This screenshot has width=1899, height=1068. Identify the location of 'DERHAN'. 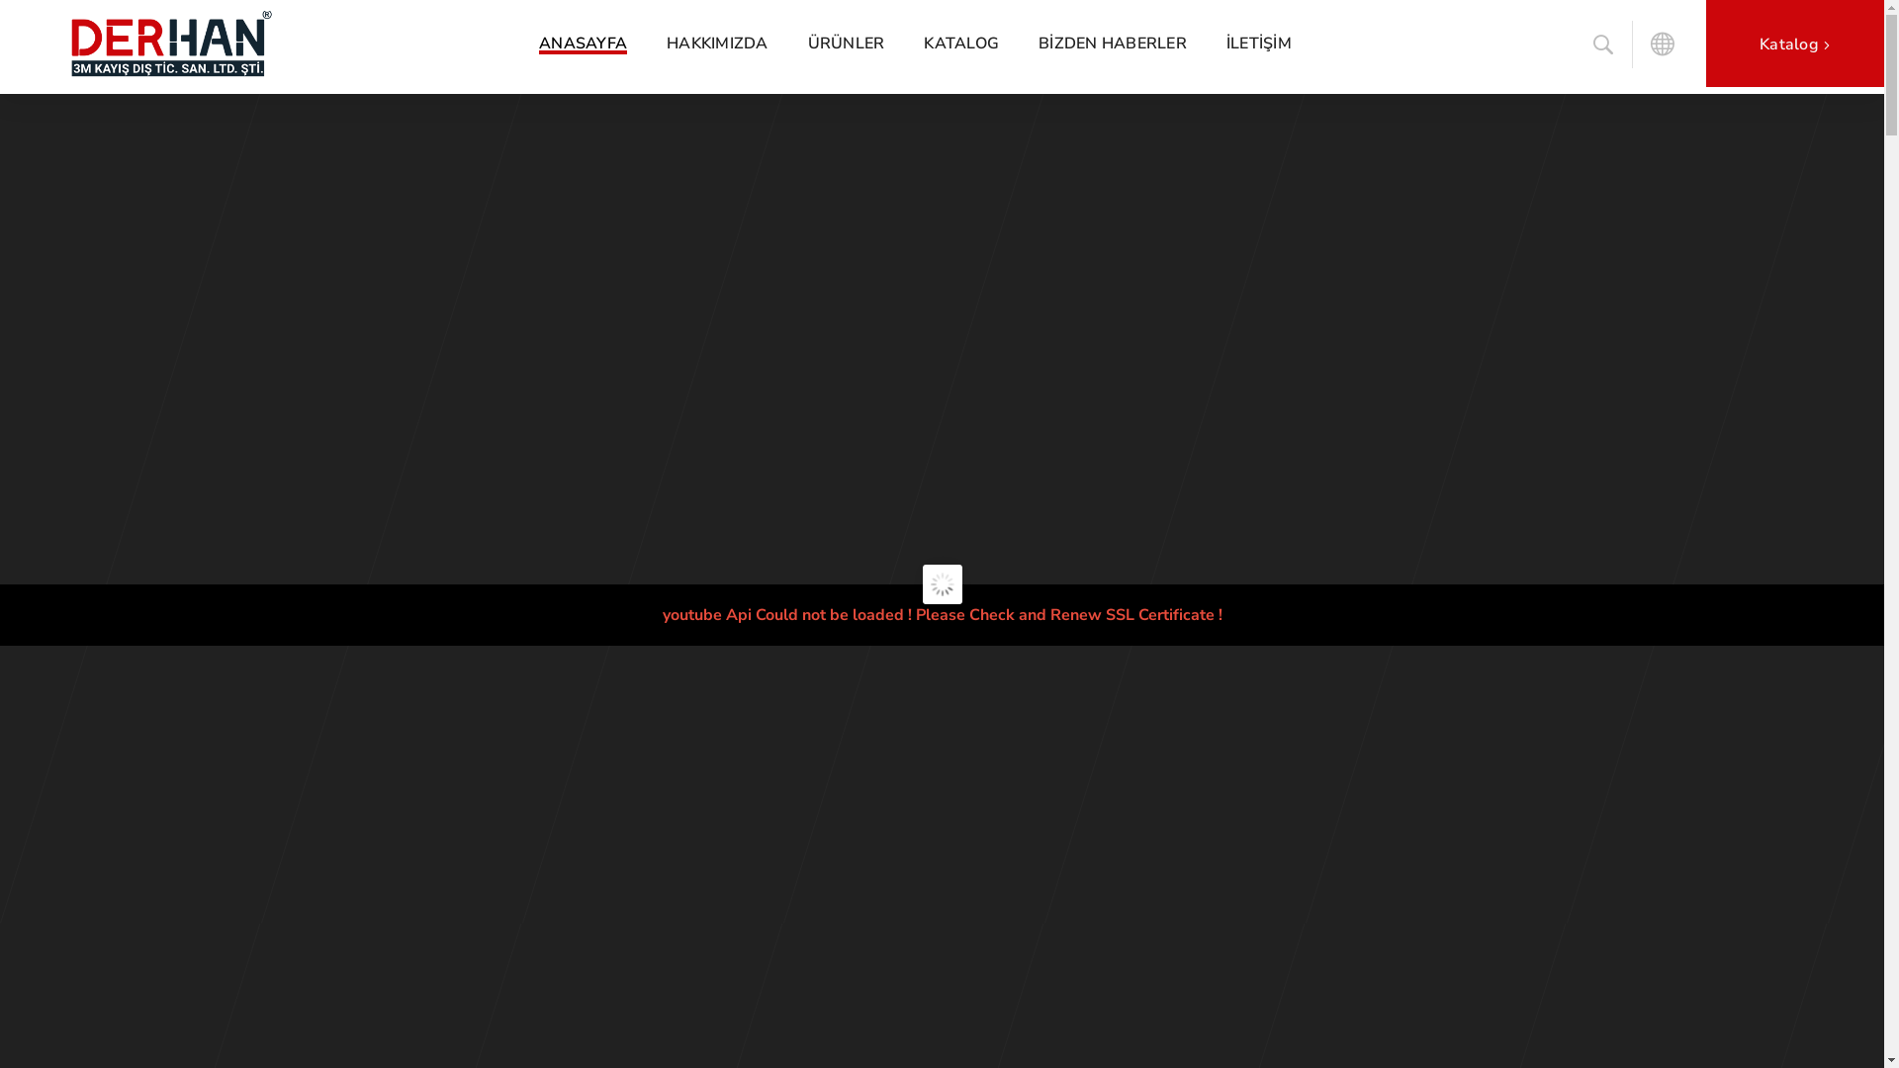
(258, 43).